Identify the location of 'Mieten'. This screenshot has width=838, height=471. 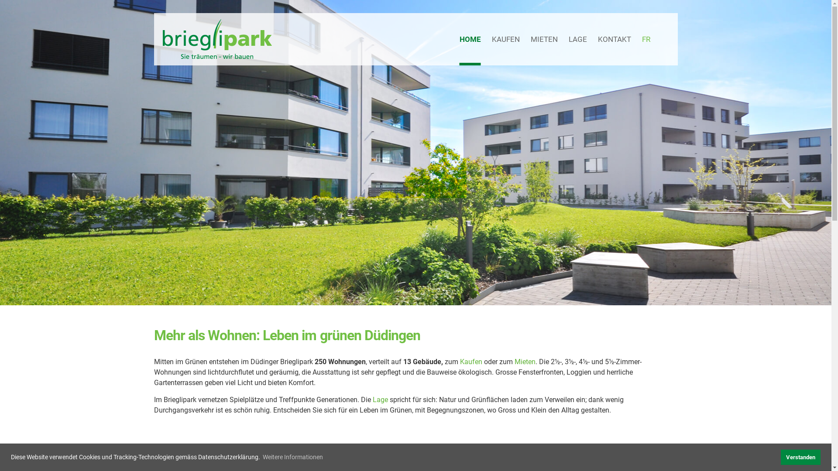
(524, 362).